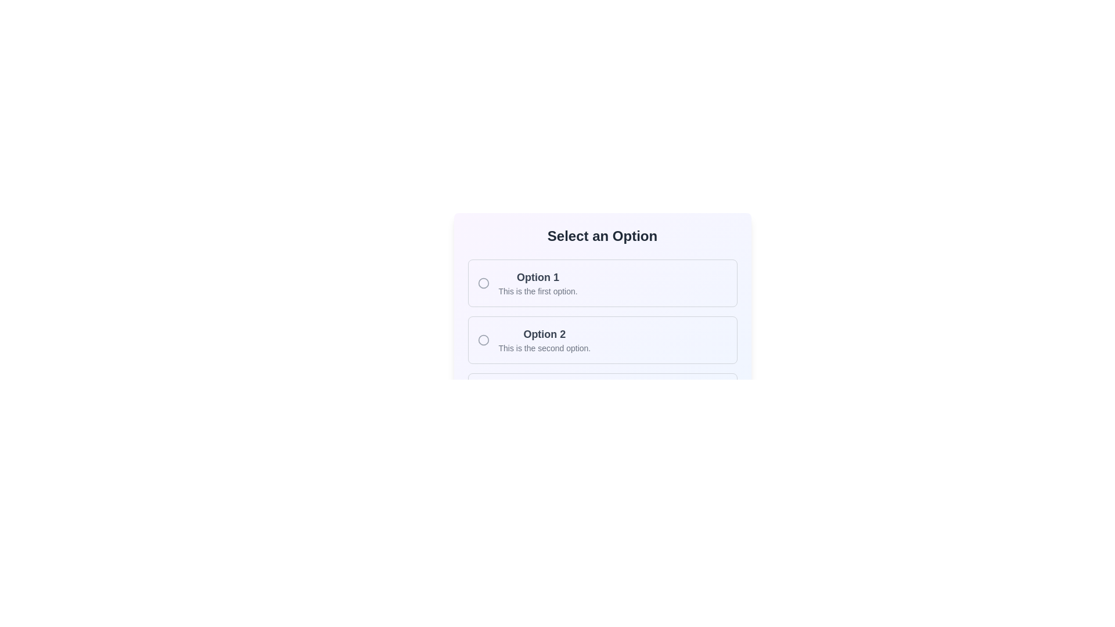 The height and width of the screenshot is (627, 1115). What do you see at coordinates (483, 283) in the screenshot?
I see `the circular radio button associated with the label 'Option 1'` at bounding box center [483, 283].